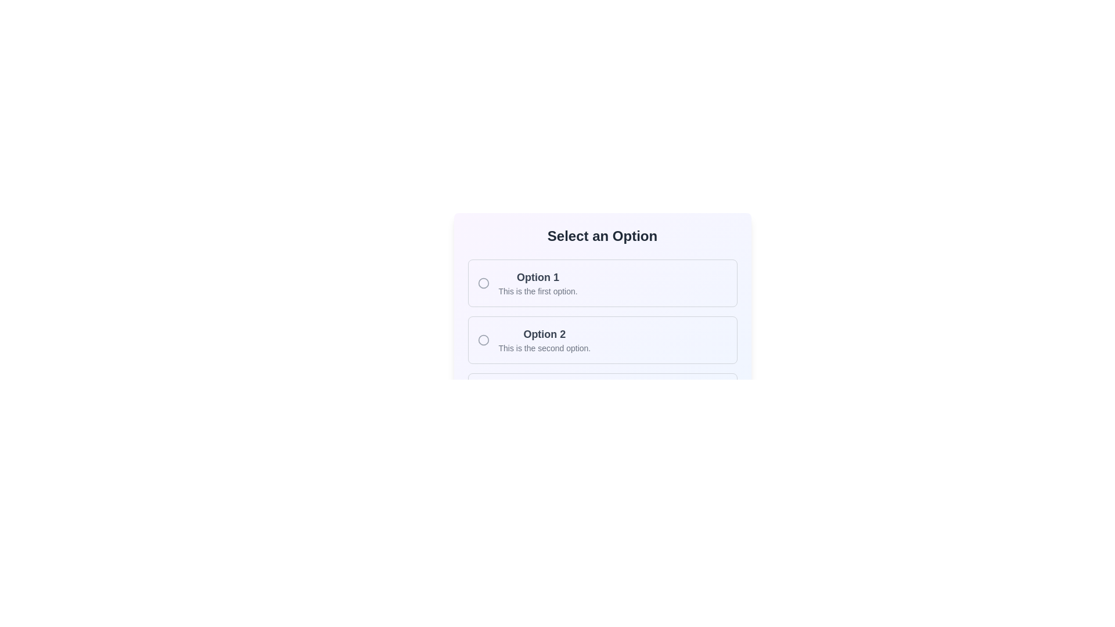 The height and width of the screenshot is (627, 1115). What do you see at coordinates (483, 283) in the screenshot?
I see `the circular radio button associated with the label 'Option 1'` at bounding box center [483, 283].